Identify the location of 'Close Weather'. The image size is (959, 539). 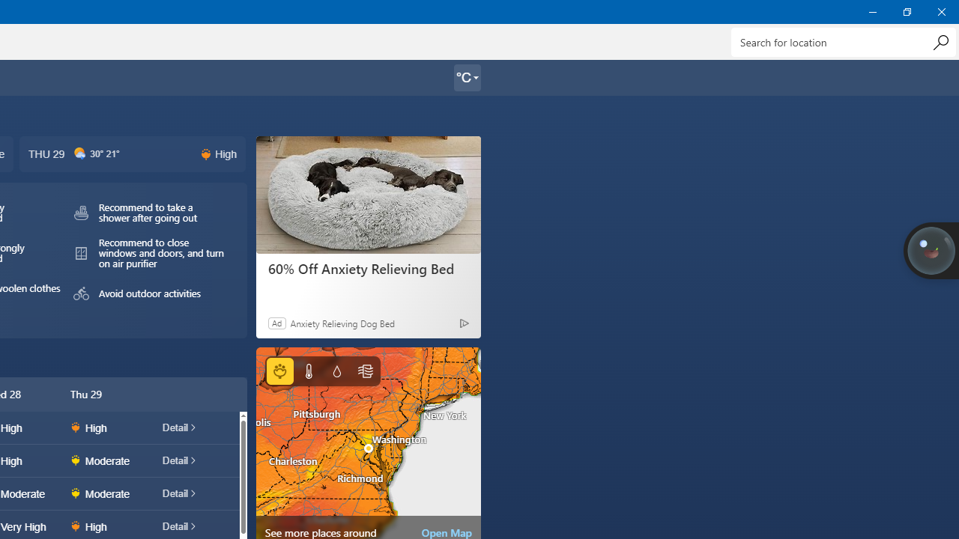
(940, 11).